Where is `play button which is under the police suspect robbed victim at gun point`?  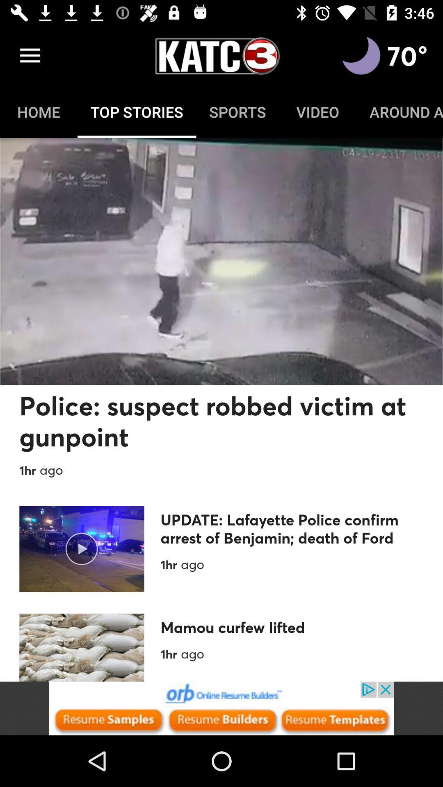
play button which is under the police suspect robbed victim at gun point is located at coordinates (82, 549).